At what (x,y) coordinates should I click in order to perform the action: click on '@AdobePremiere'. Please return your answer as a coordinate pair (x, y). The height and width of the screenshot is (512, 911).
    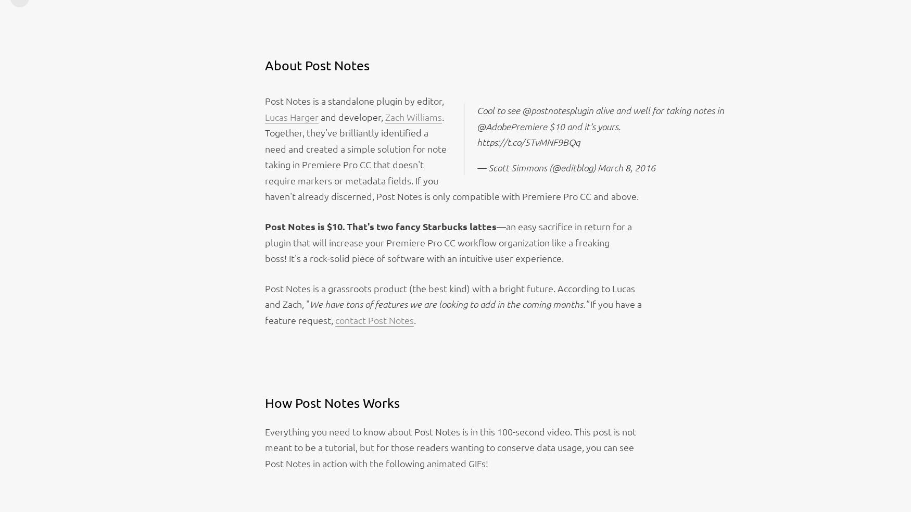
    Looking at the image, I should click on (476, 126).